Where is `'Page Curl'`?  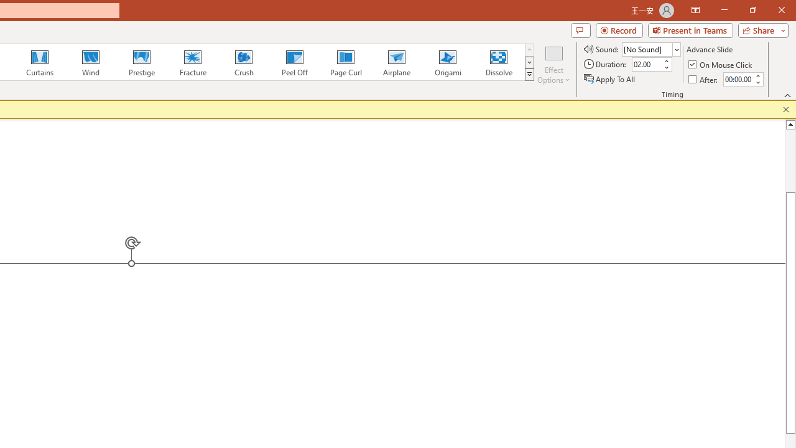
'Page Curl' is located at coordinates (345, 62).